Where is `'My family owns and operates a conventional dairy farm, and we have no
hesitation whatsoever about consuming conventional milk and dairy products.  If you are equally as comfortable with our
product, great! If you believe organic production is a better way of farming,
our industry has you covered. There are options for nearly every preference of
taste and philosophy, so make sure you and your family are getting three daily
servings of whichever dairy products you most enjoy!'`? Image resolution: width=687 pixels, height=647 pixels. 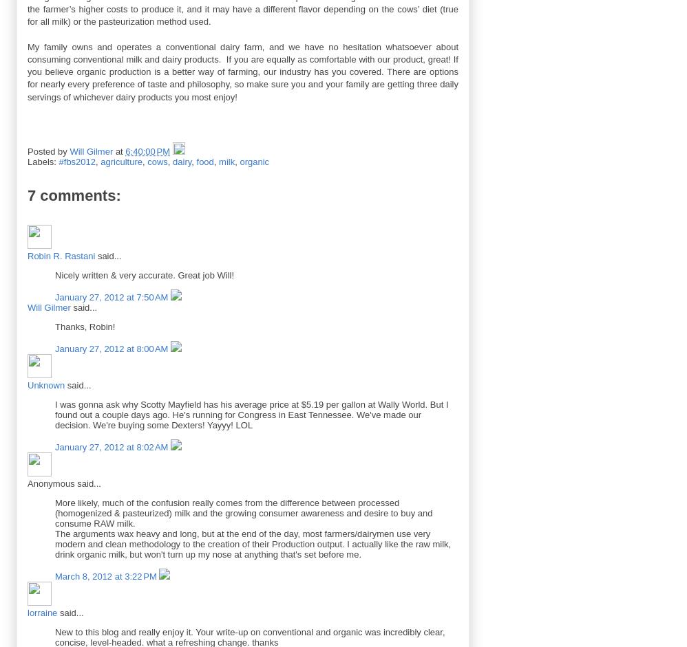 'My family owns and operates a conventional dairy farm, and we have no
hesitation whatsoever about consuming conventional milk and dairy products.  If you are equally as comfortable with our
product, great! If you believe organic production is a better way of farming,
our industry has you covered. There are options for nearly every preference of
taste and philosophy, so make sure you and your family are getting three daily
servings of whichever dairy products you most enjoy!' is located at coordinates (242, 71).